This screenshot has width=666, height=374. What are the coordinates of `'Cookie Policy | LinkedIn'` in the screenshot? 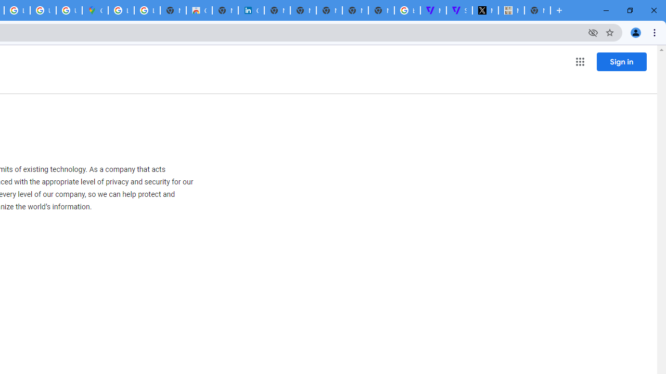 It's located at (251, 10).